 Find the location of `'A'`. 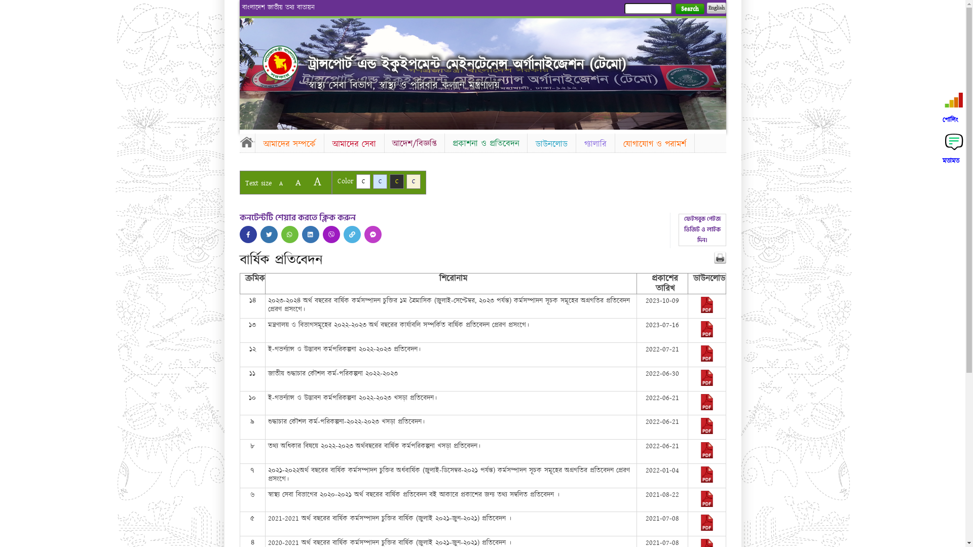

'A' is located at coordinates (297, 182).